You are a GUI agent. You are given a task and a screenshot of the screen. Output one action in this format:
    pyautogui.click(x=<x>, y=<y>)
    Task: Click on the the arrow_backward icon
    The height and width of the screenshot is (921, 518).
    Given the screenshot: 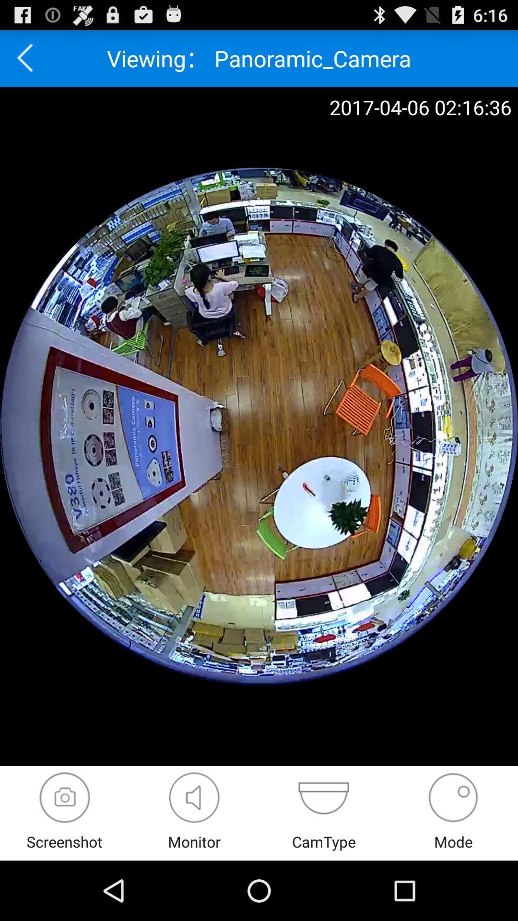 What is the action you would take?
    pyautogui.click(x=28, y=62)
    